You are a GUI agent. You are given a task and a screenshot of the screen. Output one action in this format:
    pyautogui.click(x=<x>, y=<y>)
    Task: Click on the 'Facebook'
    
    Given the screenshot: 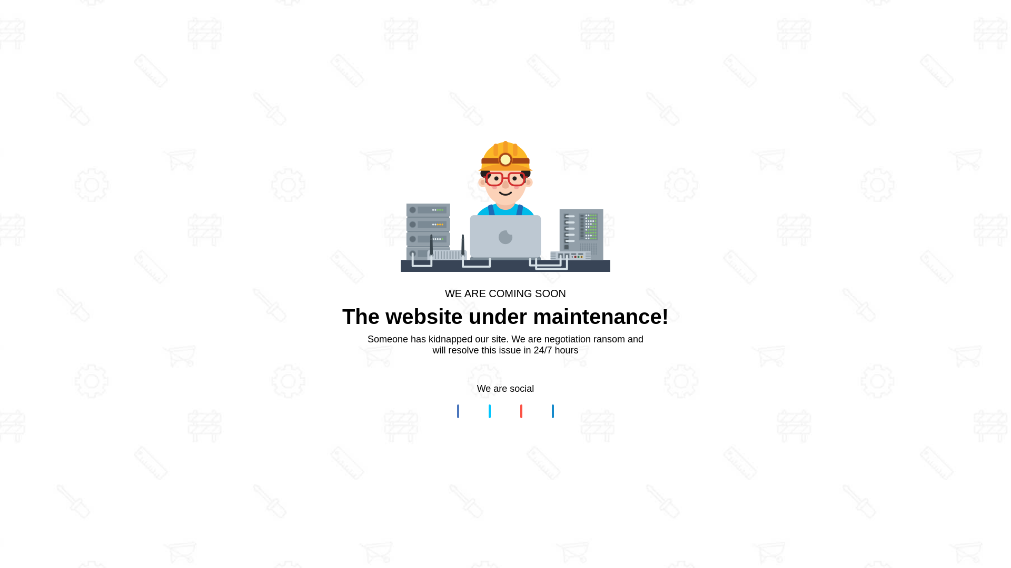 What is the action you would take?
    pyautogui.click(x=458, y=411)
    